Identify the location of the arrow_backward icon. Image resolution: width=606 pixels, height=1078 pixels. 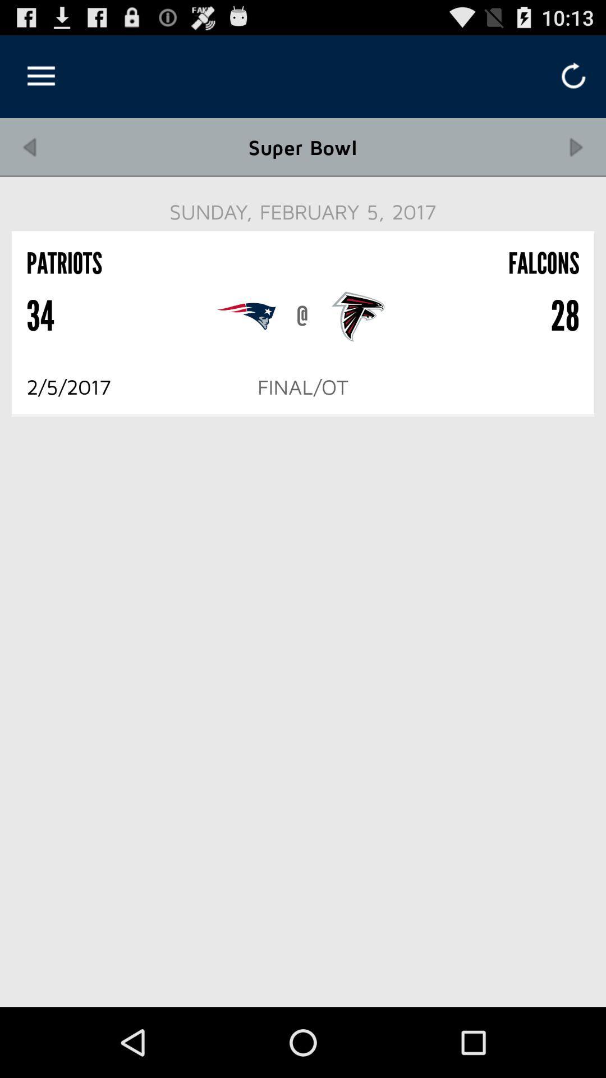
(29, 157).